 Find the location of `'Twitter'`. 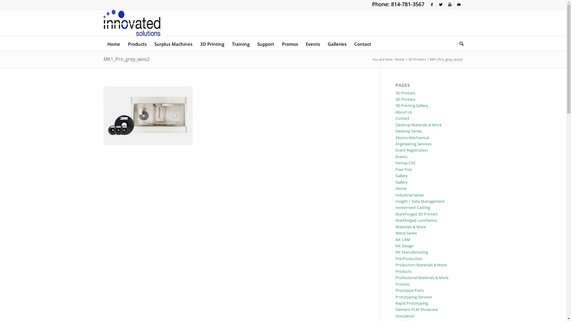

'Twitter' is located at coordinates (441, 4).